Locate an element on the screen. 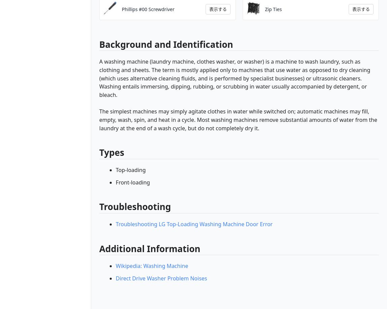  'Wikipedia: Washing Machine' is located at coordinates (115, 266).